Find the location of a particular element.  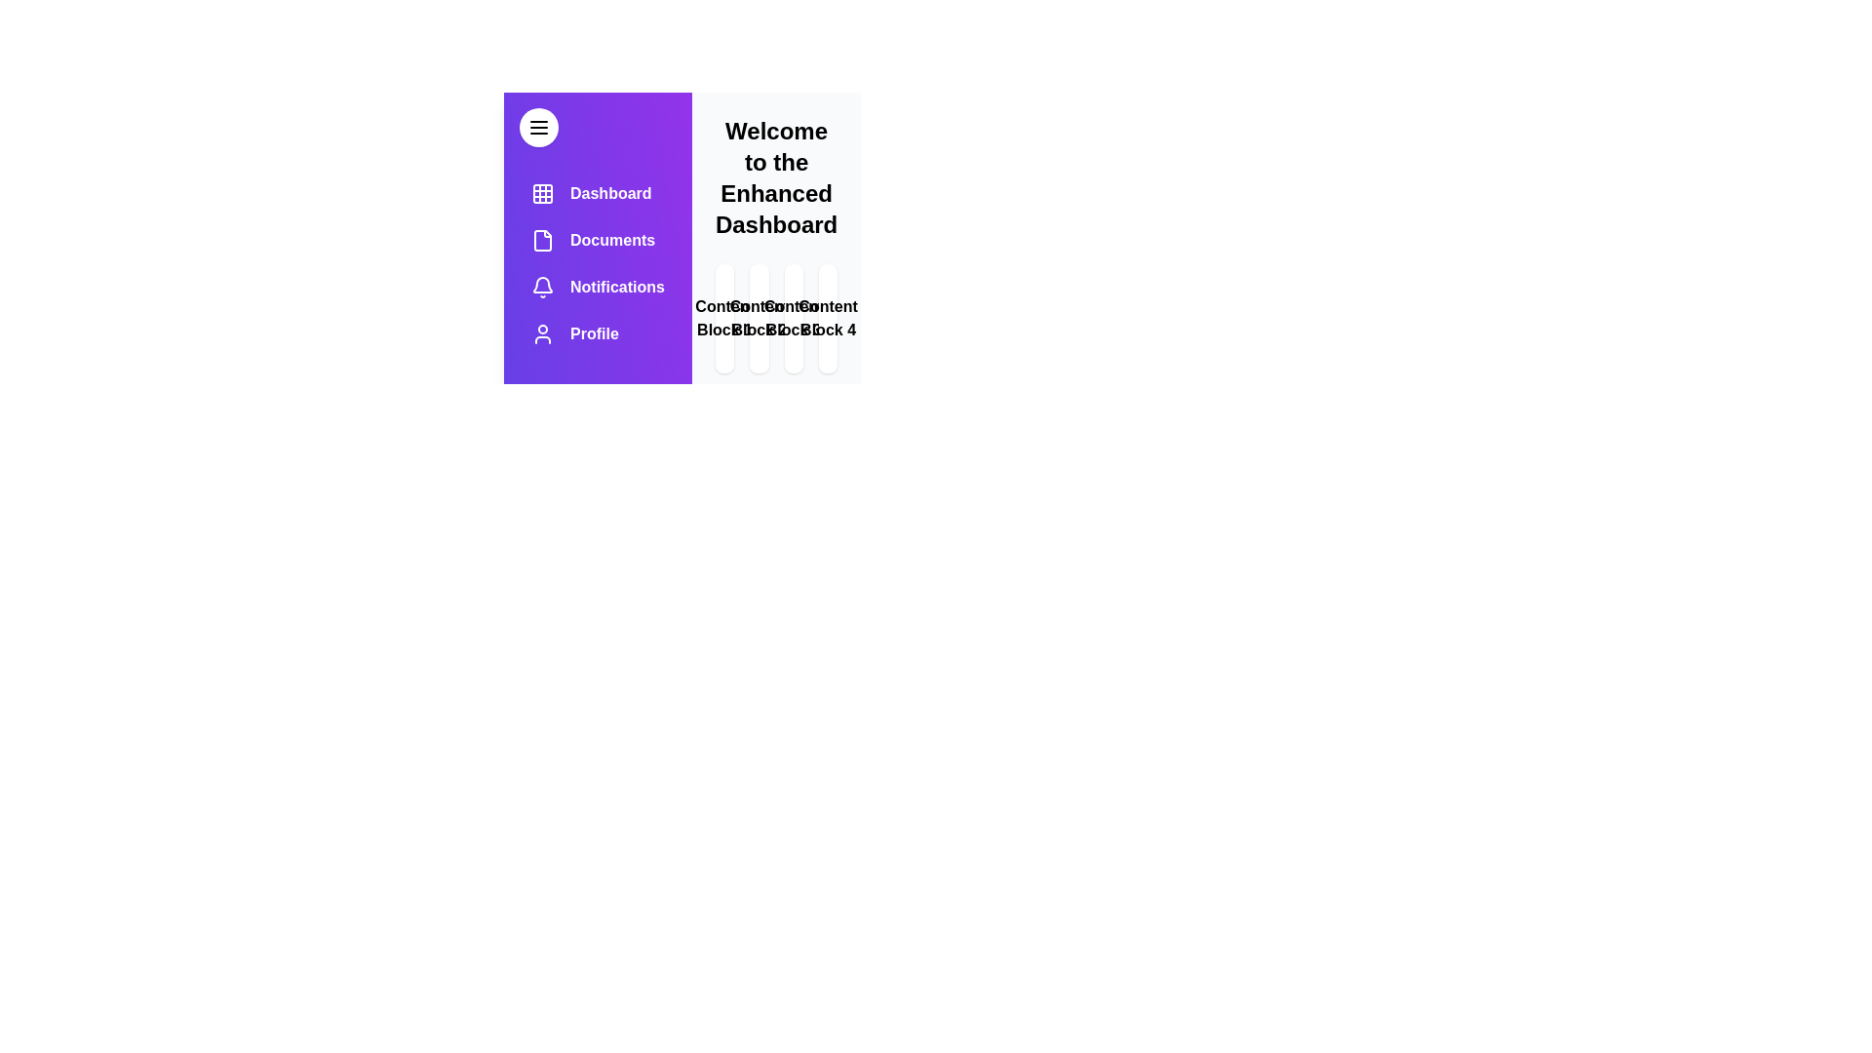

the menu item labeled Notifications is located at coordinates (597, 287).